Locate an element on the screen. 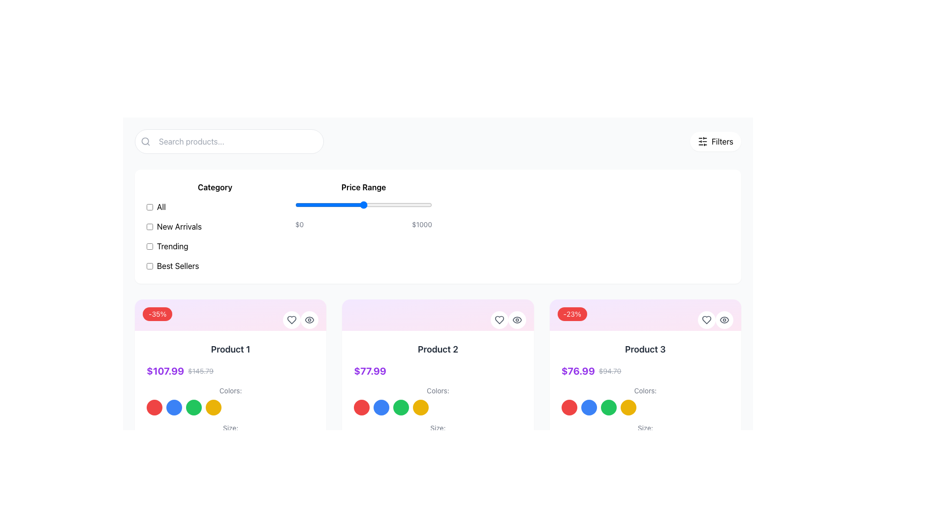  the checkbox for the 'Trending' filter category is located at coordinates (149, 246).